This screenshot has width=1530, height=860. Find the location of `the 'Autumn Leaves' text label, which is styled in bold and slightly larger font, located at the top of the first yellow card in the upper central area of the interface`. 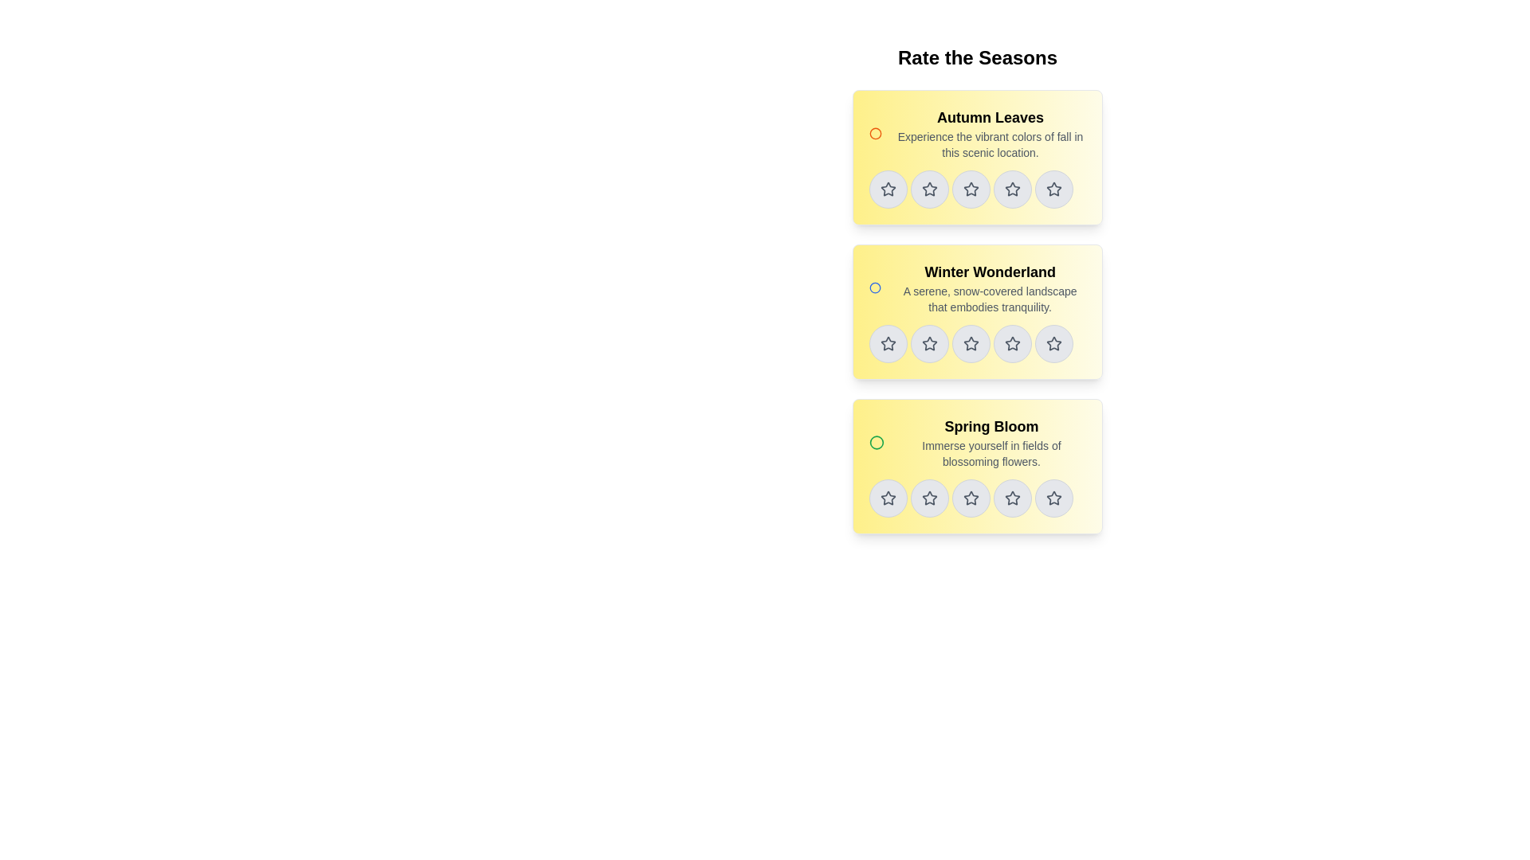

the 'Autumn Leaves' text label, which is styled in bold and slightly larger font, located at the top of the first yellow card in the upper central area of the interface is located at coordinates (990, 116).